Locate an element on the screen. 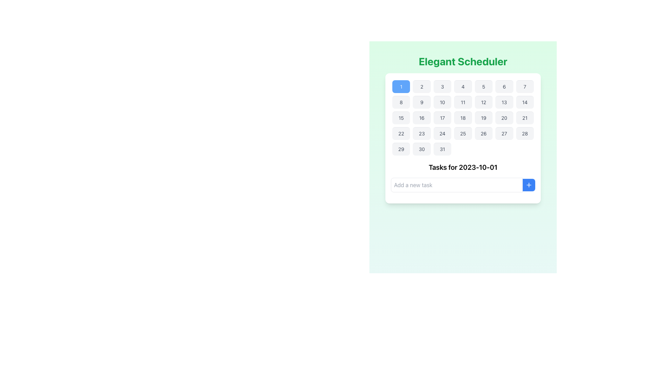 Image resolution: width=666 pixels, height=375 pixels. the rounded rectangular button labeled '10' with a light gray background and dark gray text, located in the second row and third column of the calendar grid to change its style is located at coordinates (442, 102).